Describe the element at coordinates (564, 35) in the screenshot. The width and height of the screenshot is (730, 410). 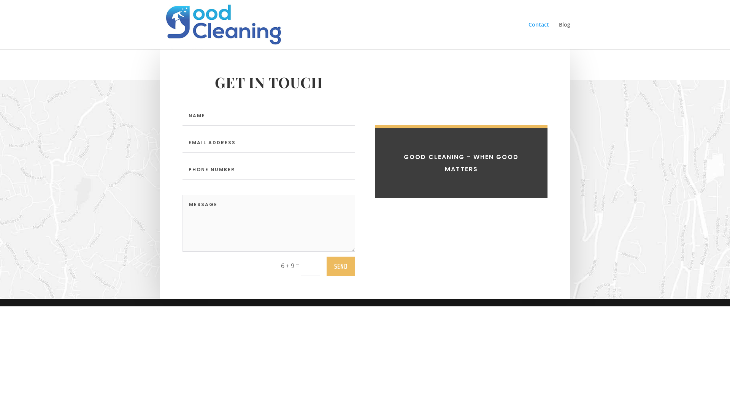
I see `'Blog'` at that location.